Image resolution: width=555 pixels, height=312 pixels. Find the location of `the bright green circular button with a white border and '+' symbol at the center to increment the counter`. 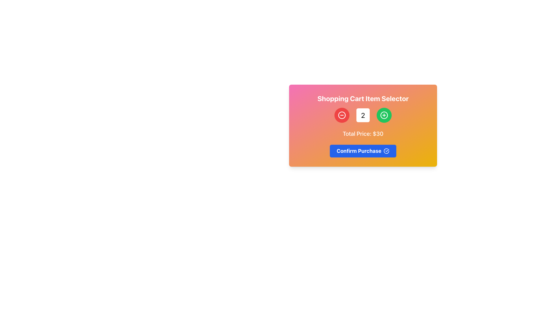

the bright green circular button with a white border and '+' symbol at the center to increment the counter is located at coordinates (384, 115).